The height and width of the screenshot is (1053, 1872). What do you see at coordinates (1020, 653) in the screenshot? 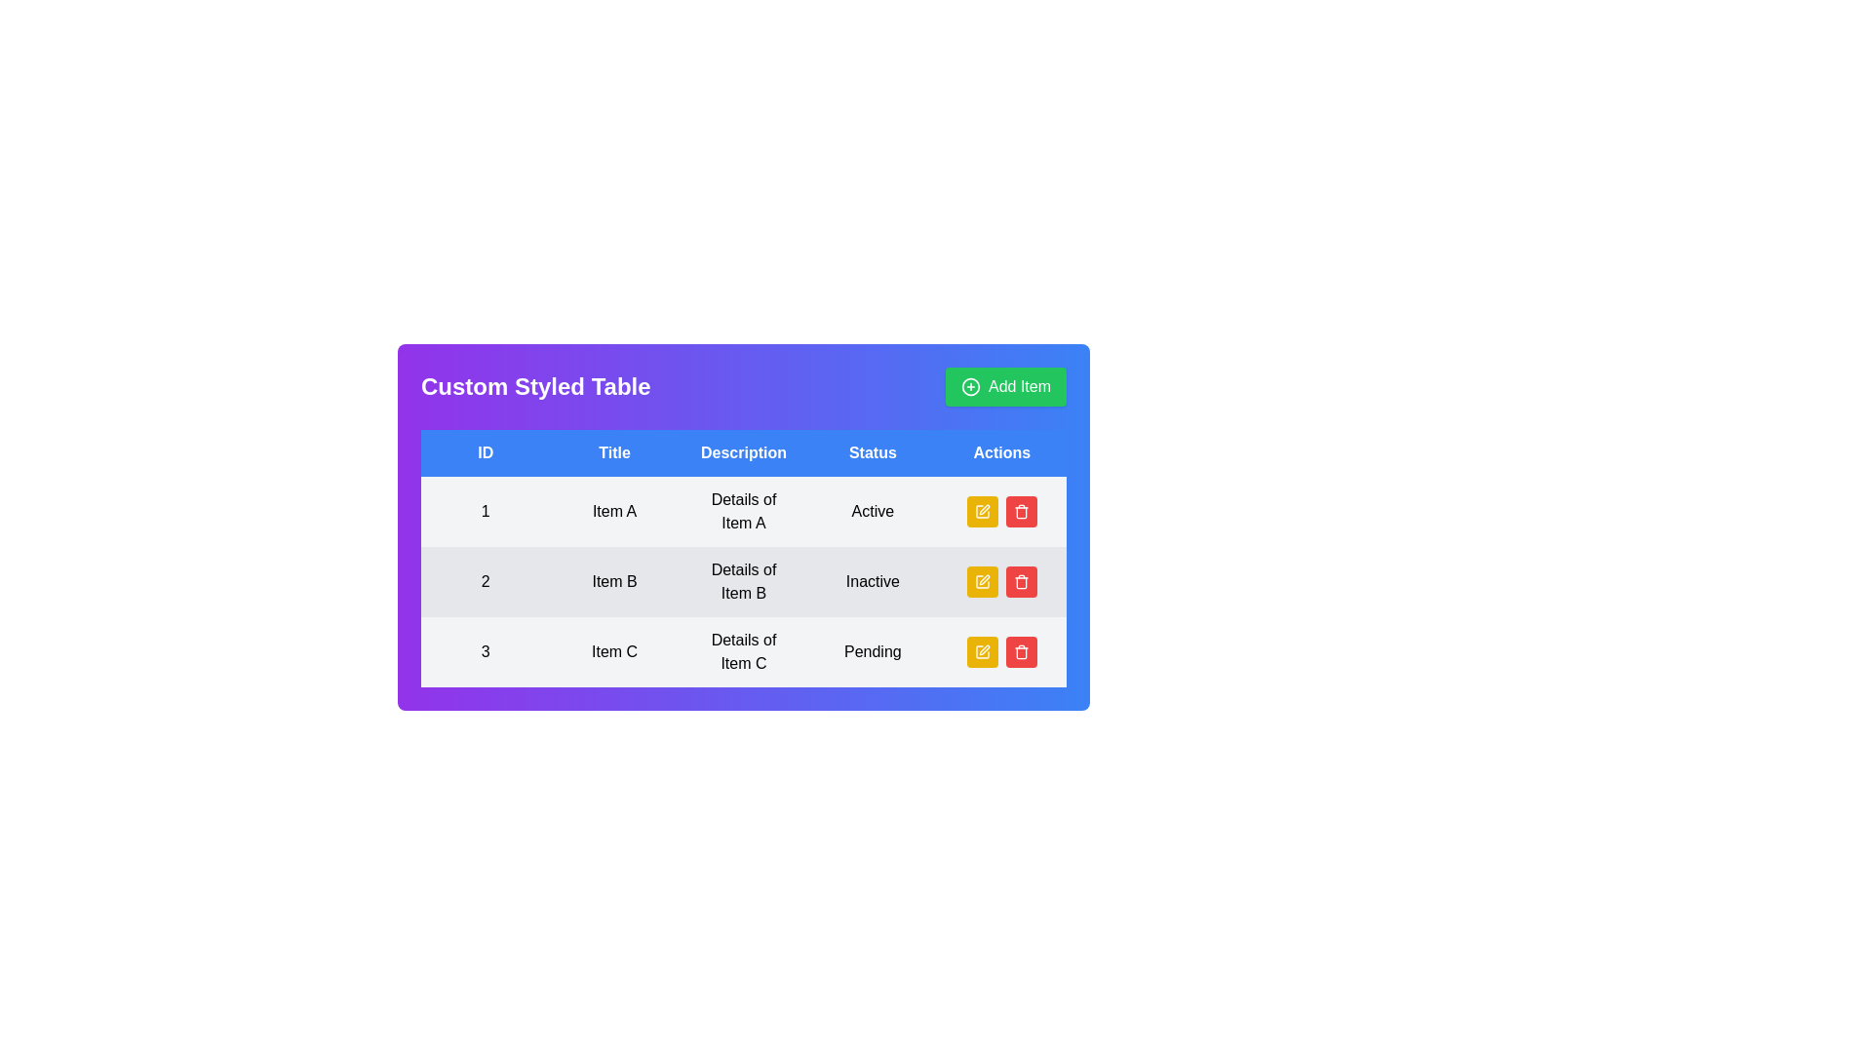
I see `the trash can icon in the Actions column of the third row of the table` at bounding box center [1020, 653].